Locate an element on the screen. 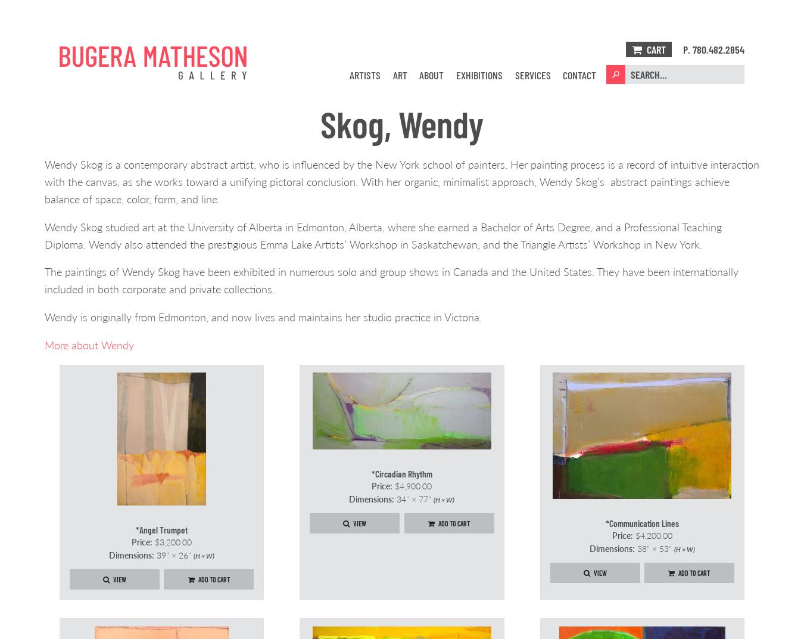 This screenshot has width=804, height=639. 'Contact' is located at coordinates (578, 74).